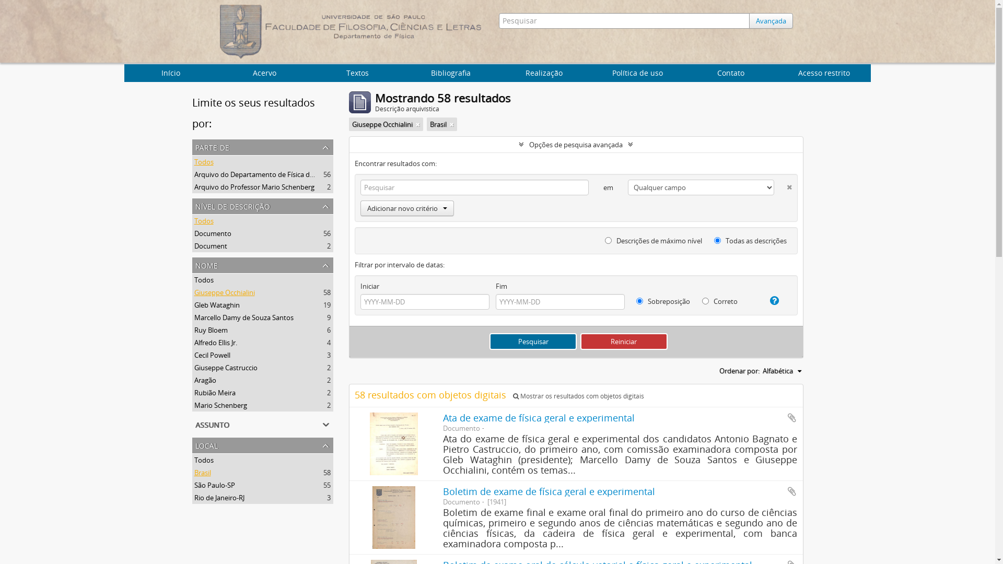 The height and width of the screenshot is (564, 1003). What do you see at coordinates (357, 72) in the screenshot?
I see `'Textos'` at bounding box center [357, 72].